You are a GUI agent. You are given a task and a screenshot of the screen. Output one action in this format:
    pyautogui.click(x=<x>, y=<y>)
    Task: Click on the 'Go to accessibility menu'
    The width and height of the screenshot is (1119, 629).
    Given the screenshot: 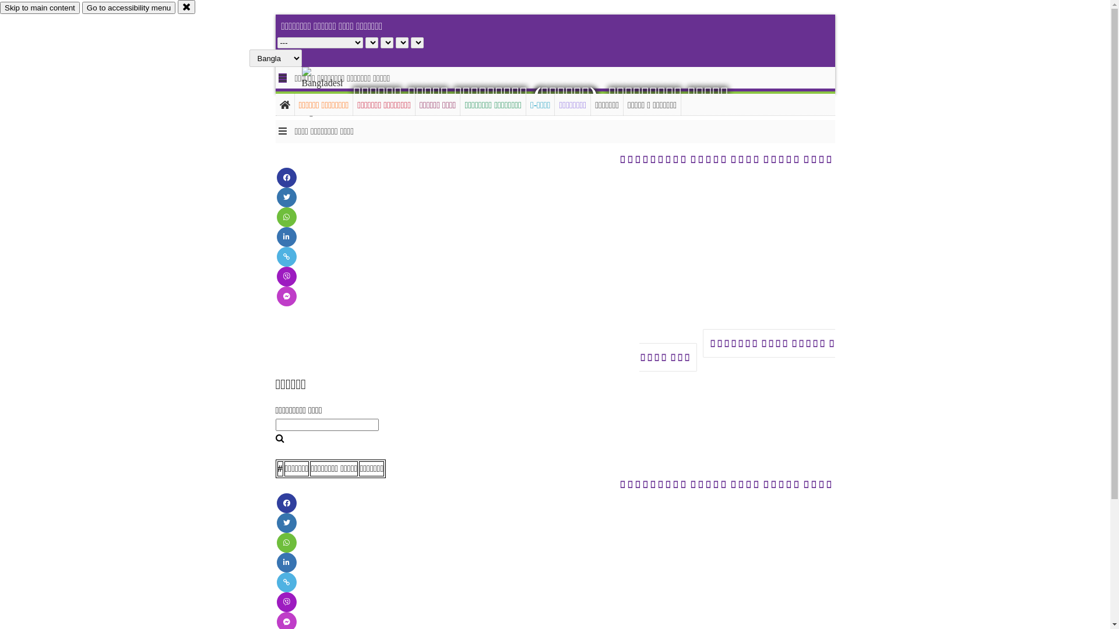 What is the action you would take?
    pyautogui.click(x=81, y=8)
    